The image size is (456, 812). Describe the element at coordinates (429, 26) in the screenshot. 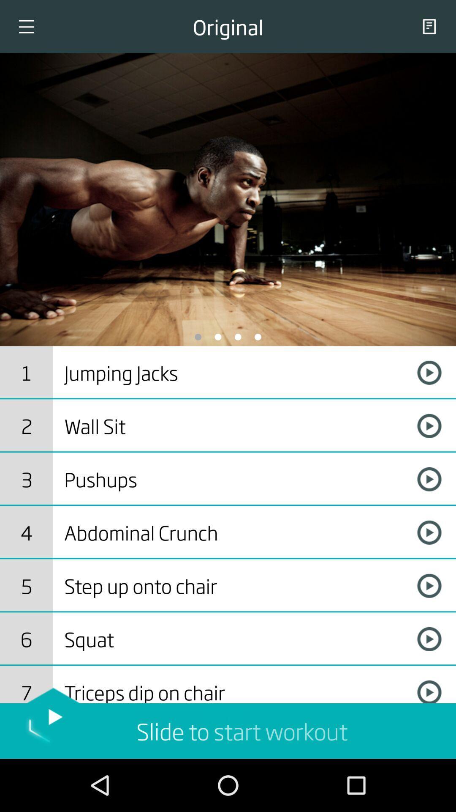

I see `the copy icon` at that location.